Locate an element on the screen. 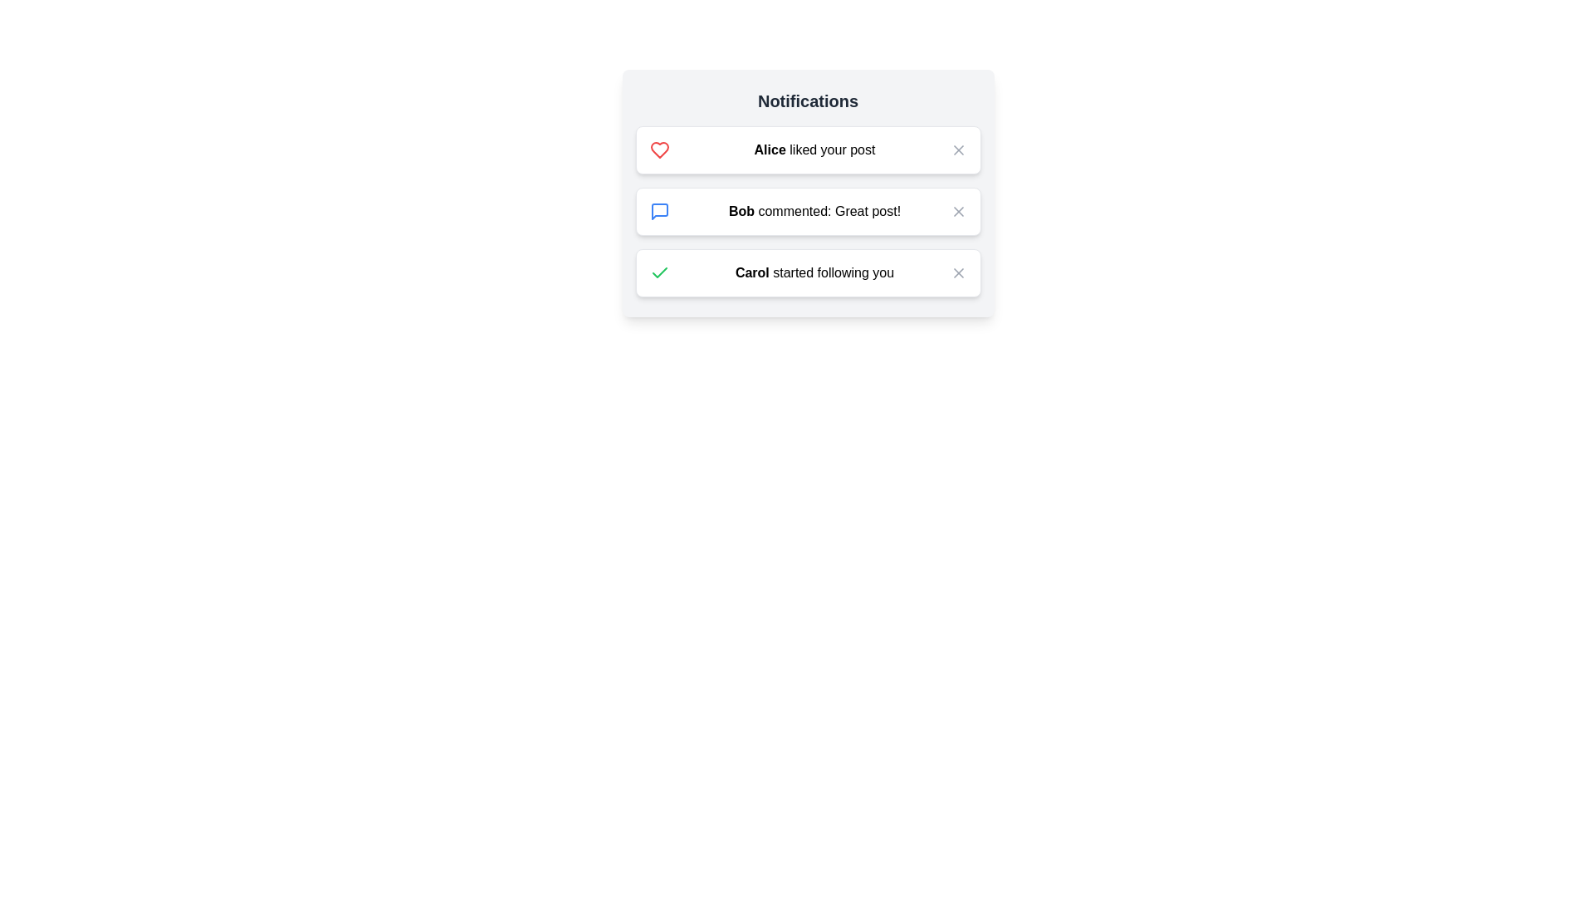 The width and height of the screenshot is (1594, 897). the 'like' icon that visually represents the action for the notification stating 'Alice liked your post' is located at coordinates (658, 150).